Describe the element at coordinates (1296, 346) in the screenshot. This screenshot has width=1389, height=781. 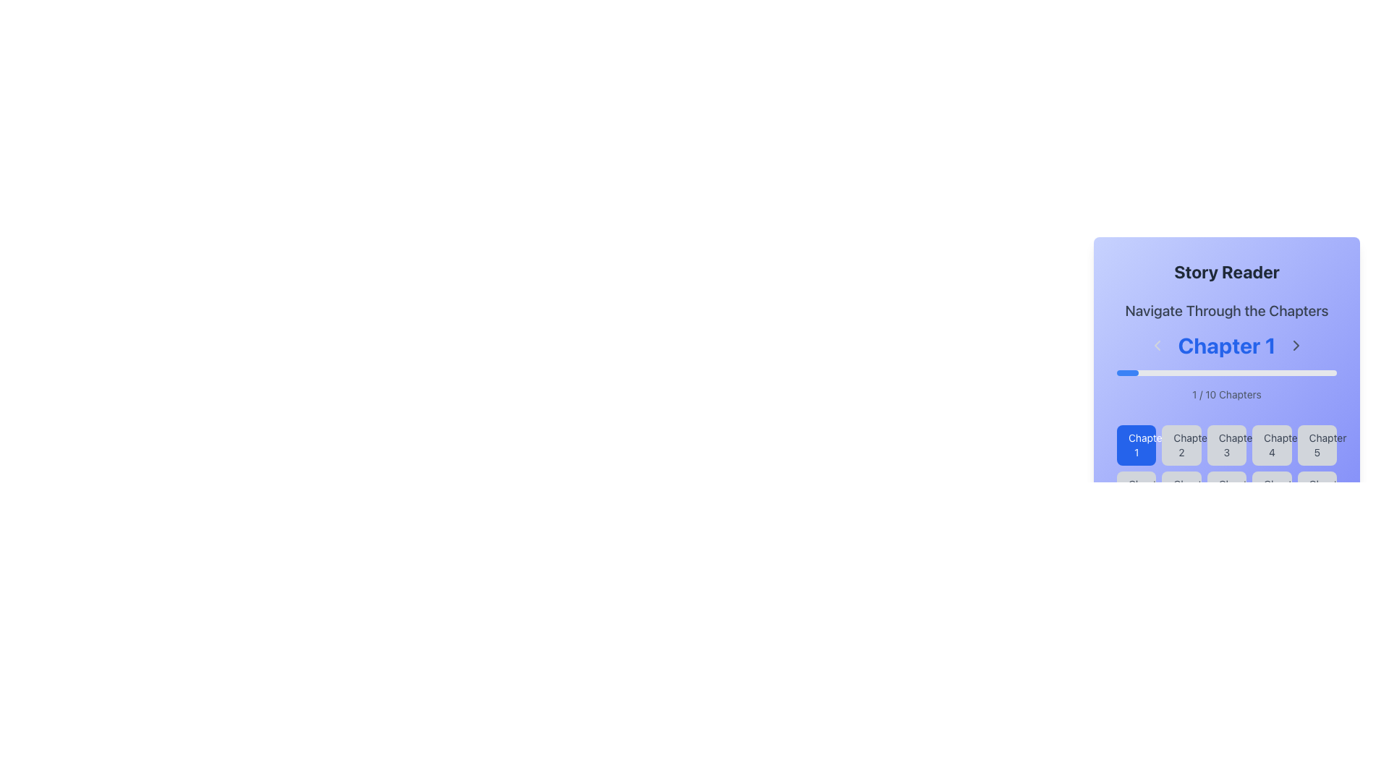
I see `the navigation button located at the top-right end of the navigation bar, to the right of 'Chapter 1'` at that location.